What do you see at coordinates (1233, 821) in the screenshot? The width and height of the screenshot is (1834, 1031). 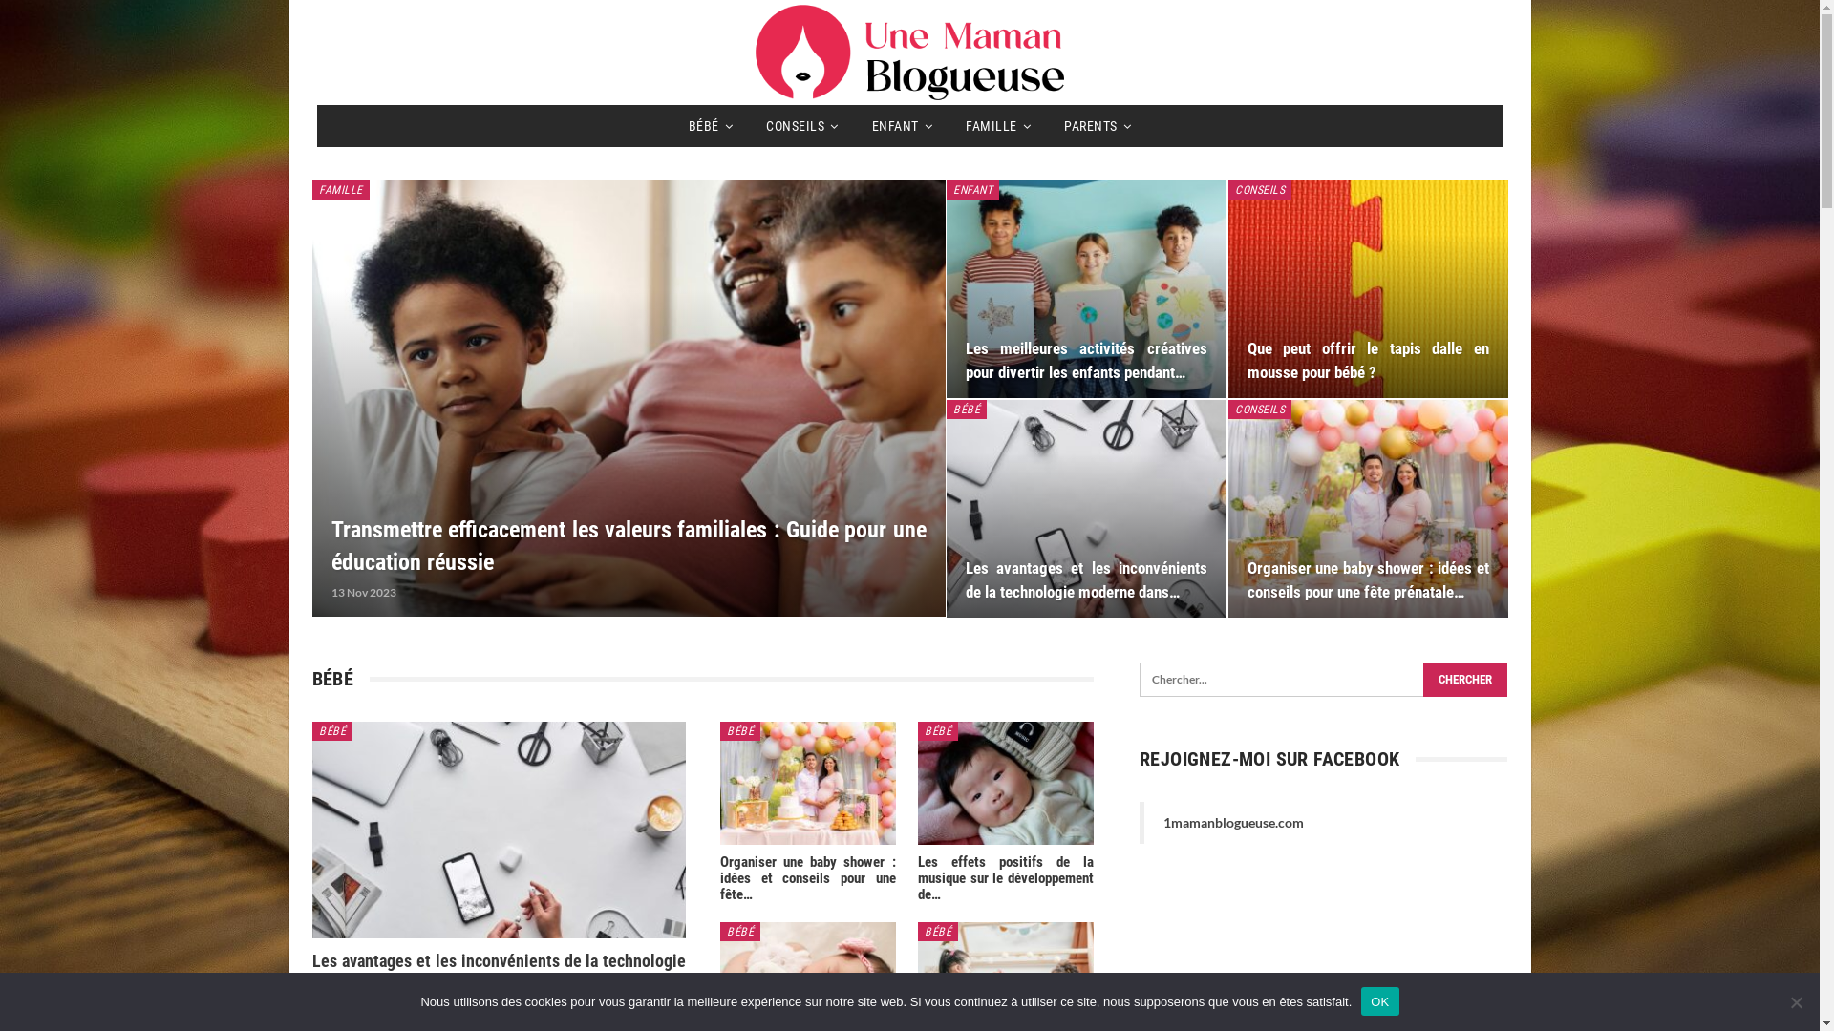 I see `'1mamanblogueuse.com'` at bounding box center [1233, 821].